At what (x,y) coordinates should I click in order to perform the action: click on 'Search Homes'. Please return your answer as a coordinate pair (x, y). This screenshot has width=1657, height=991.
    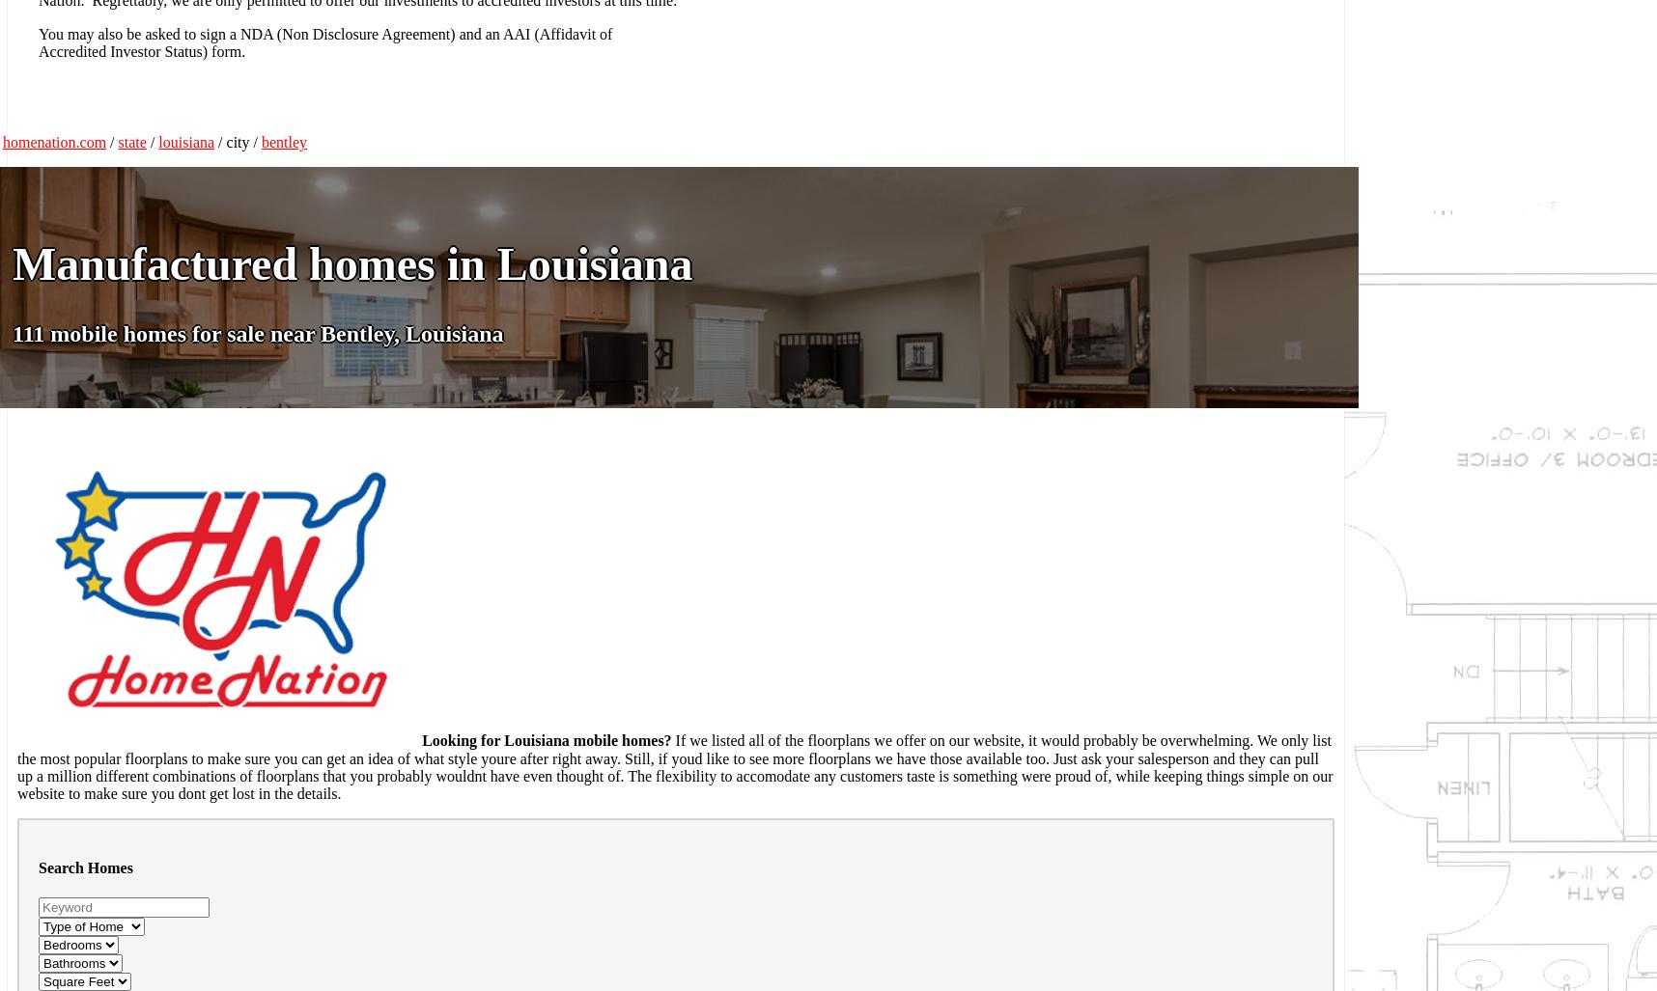
    Looking at the image, I should click on (84, 867).